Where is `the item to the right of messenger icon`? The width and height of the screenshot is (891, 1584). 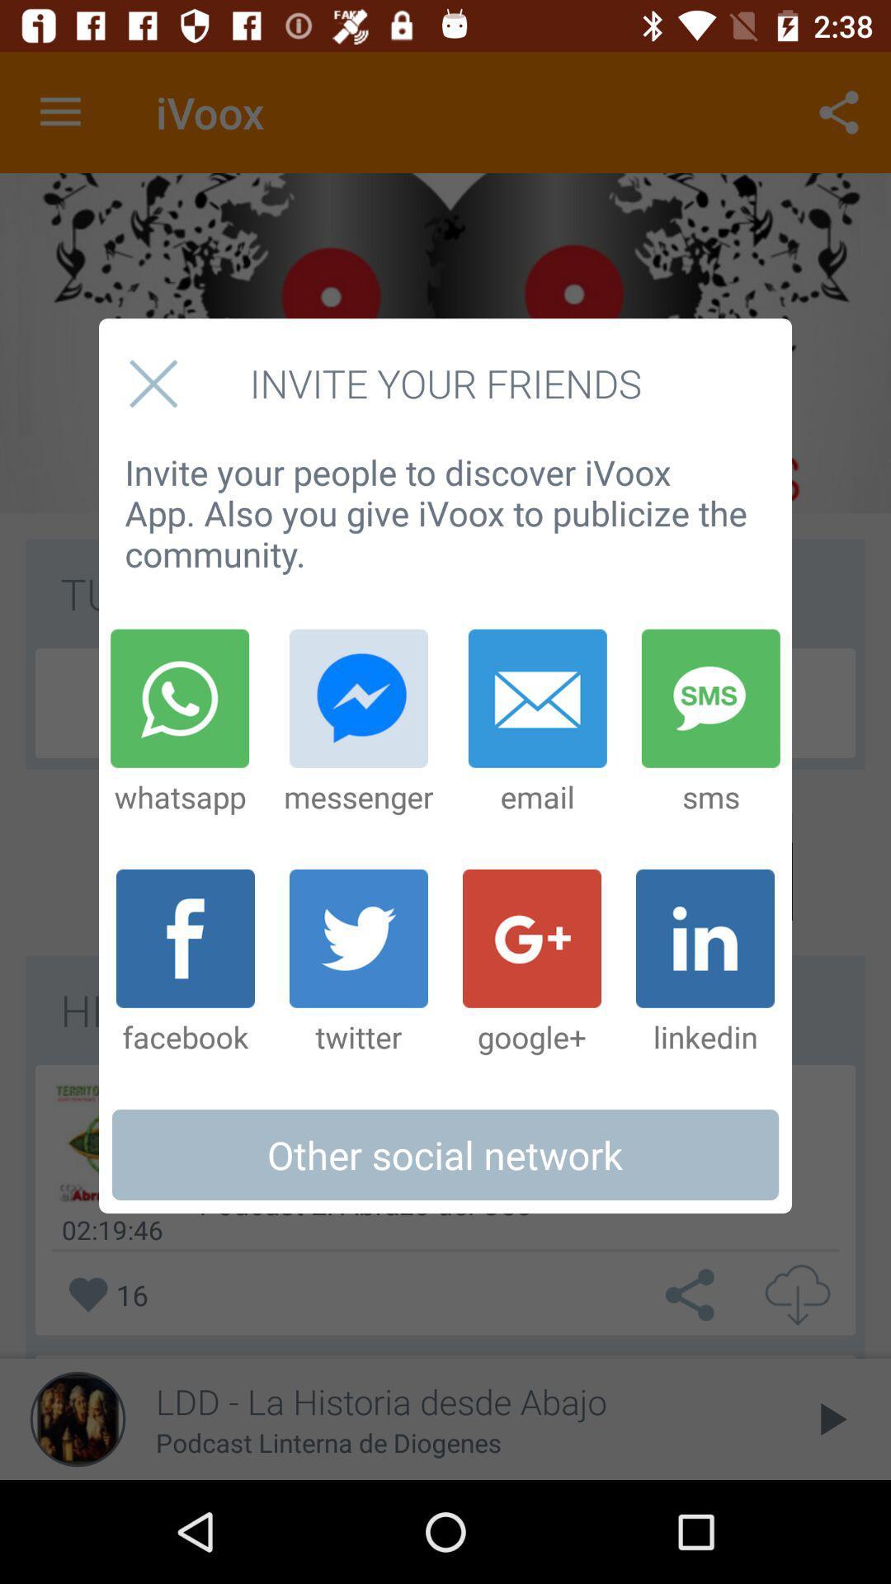 the item to the right of messenger icon is located at coordinates (537, 723).